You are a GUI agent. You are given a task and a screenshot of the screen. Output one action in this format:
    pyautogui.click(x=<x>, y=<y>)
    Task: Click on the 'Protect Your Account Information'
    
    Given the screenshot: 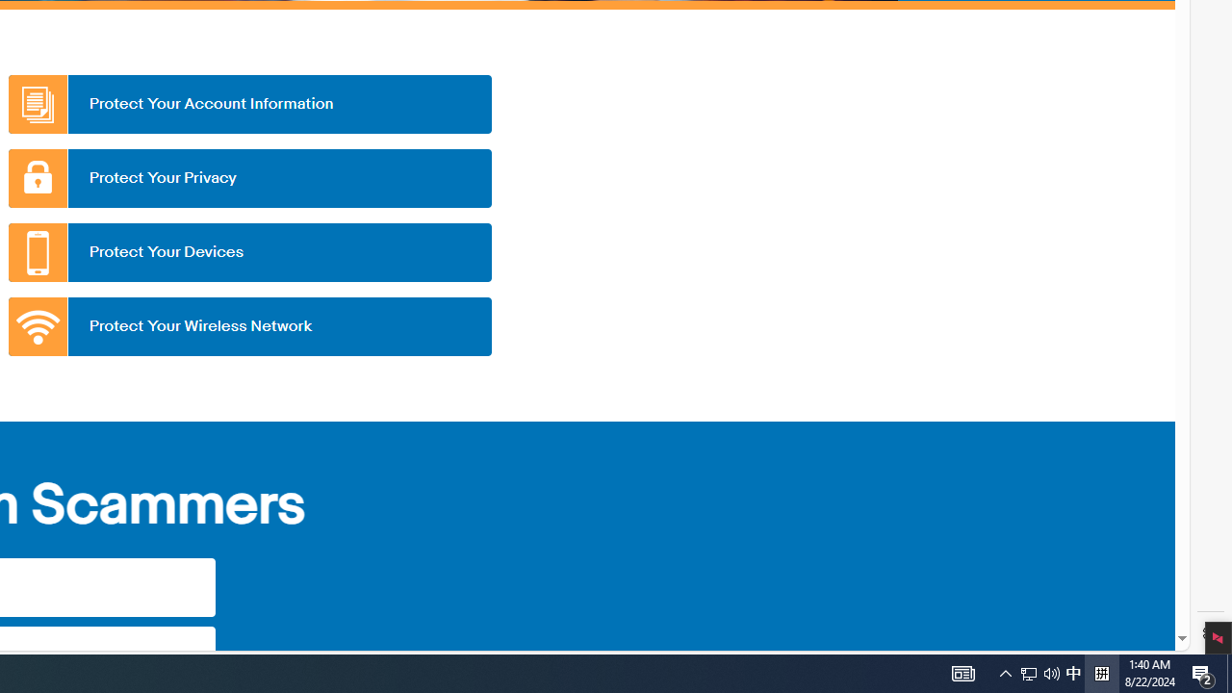 What is the action you would take?
    pyautogui.click(x=248, y=104)
    